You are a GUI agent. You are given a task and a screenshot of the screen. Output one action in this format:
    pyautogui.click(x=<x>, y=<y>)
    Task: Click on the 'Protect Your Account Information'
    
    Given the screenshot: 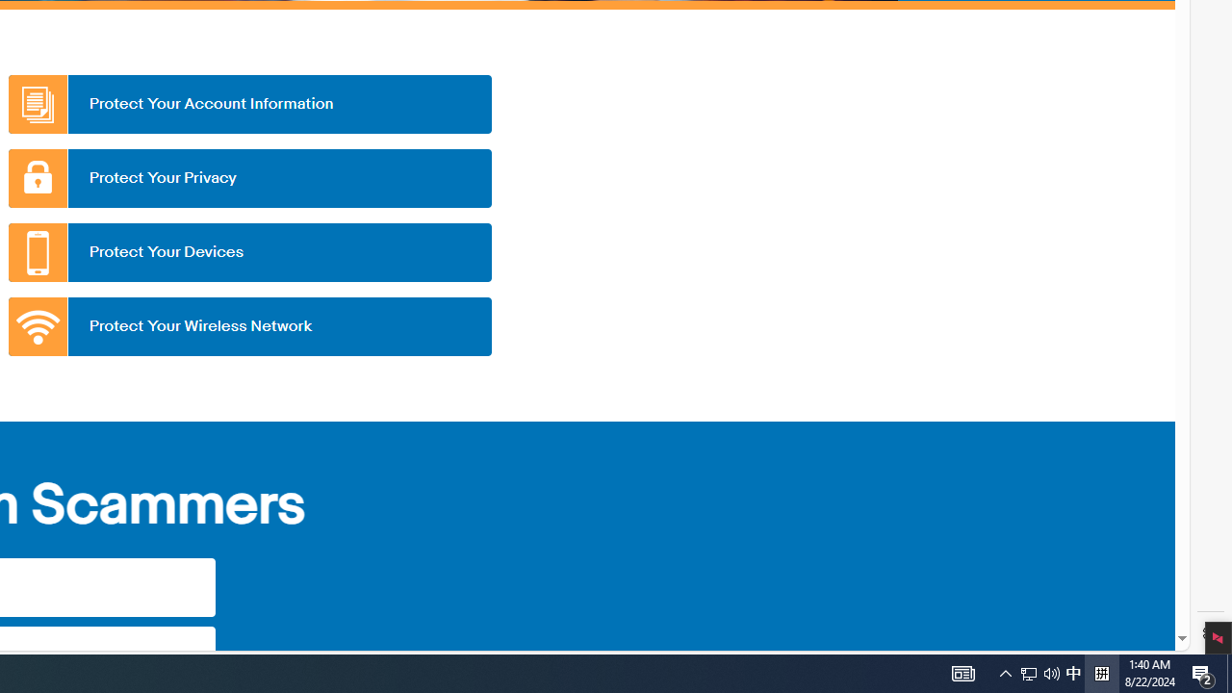 What is the action you would take?
    pyautogui.click(x=248, y=104)
    